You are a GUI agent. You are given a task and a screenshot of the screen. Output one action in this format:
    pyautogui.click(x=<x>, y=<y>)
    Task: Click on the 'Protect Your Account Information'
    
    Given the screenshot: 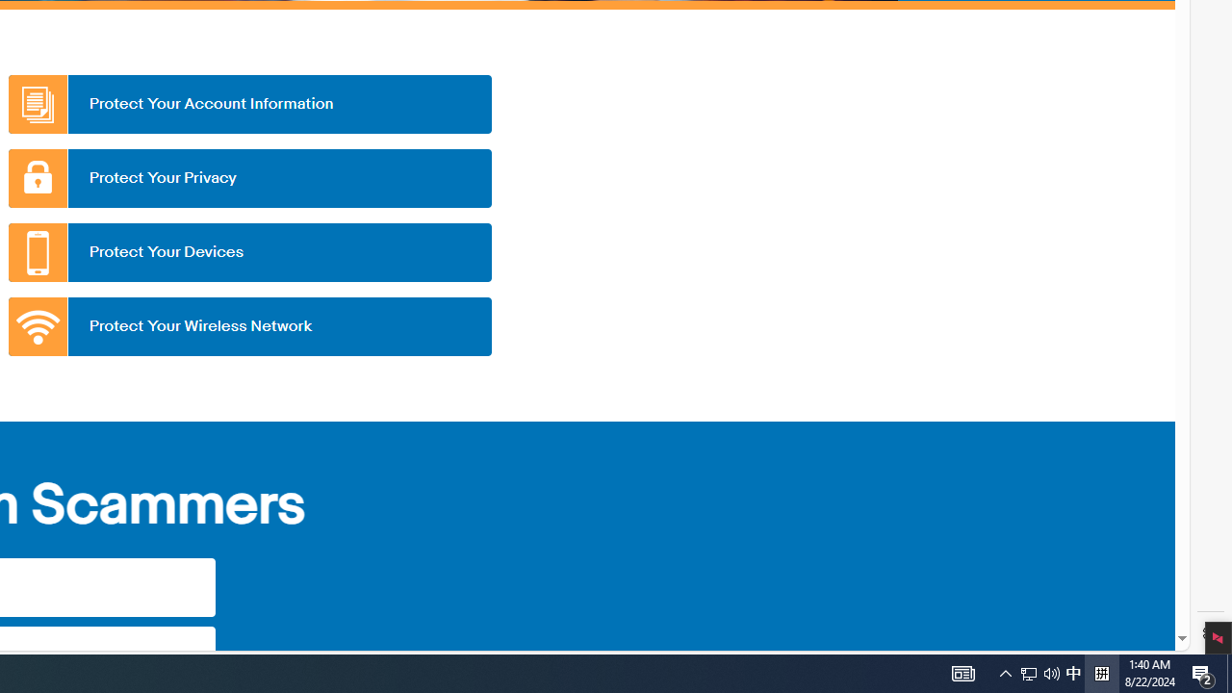 What is the action you would take?
    pyautogui.click(x=248, y=104)
    